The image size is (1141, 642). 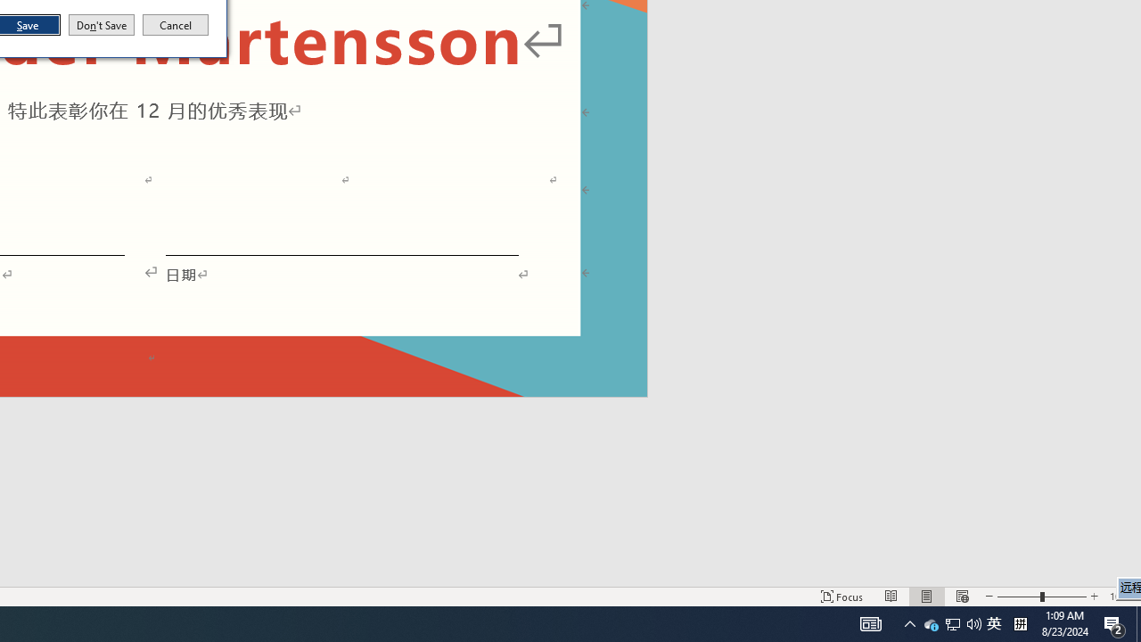 I want to click on 'Tray Input Indicator - Chinese (Simplified, China)', so click(x=993, y=622).